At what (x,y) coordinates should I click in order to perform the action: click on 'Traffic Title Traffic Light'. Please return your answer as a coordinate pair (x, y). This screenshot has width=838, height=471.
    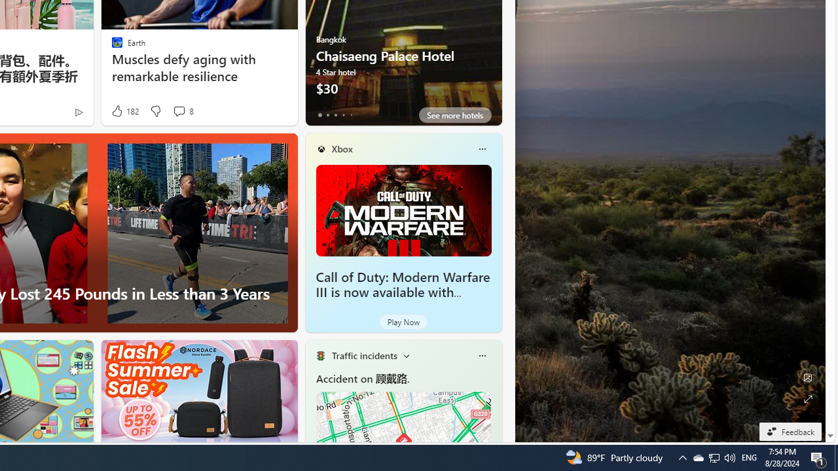
    Looking at the image, I should click on (320, 355).